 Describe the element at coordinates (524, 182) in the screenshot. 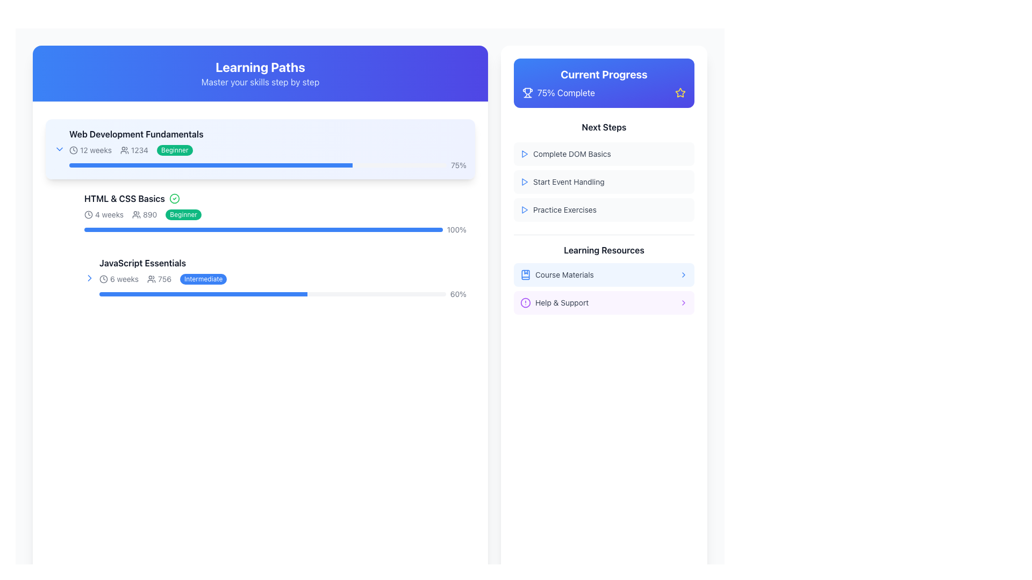

I see `the small blue triangular play icon located to the left of the text 'Start Event Handling' under the 'Current Progress' section` at that location.